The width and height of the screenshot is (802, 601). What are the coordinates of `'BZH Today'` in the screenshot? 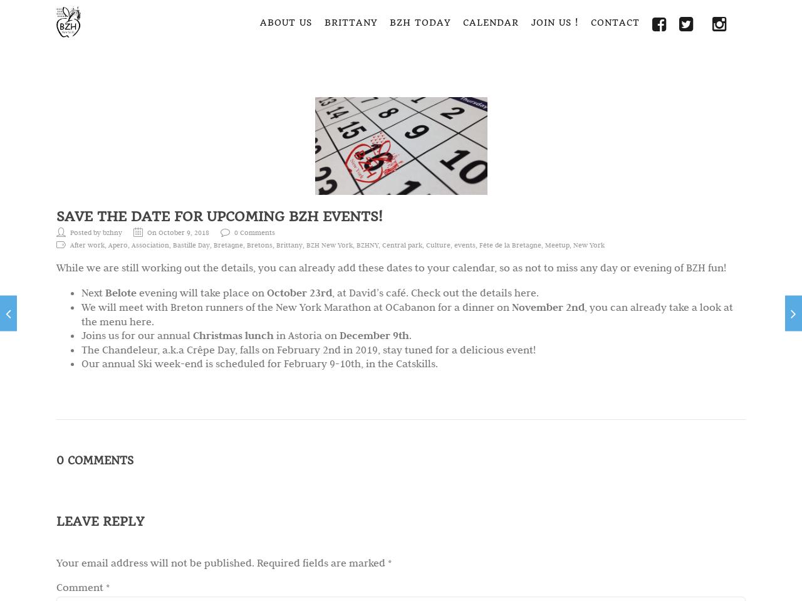 It's located at (420, 21).